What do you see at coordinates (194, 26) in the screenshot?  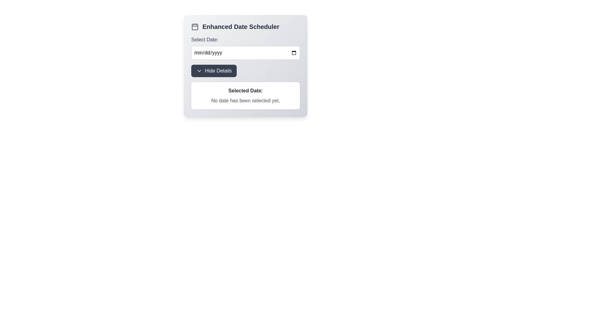 I see `the calendar icon that indicates date selection functionality` at bounding box center [194, 26].